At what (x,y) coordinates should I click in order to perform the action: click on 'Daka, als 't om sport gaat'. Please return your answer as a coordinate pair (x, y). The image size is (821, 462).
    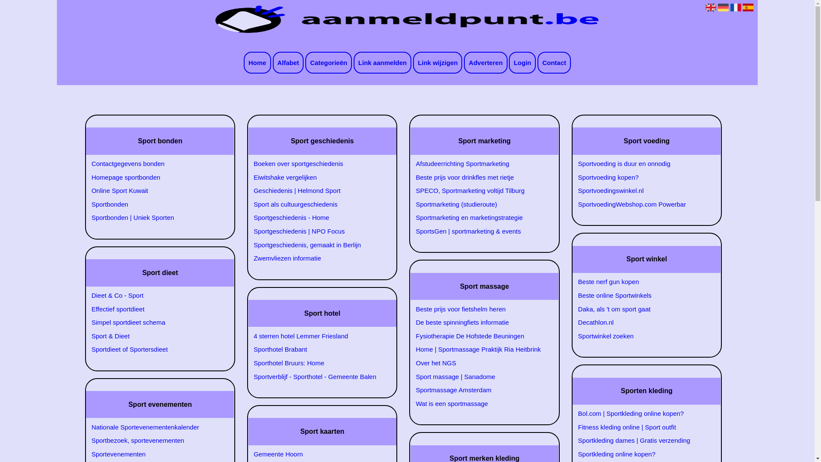
    Looking at the image, I should click on (642, 309).